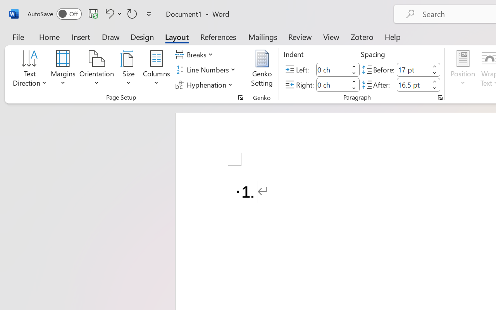 This screenshot has width=496, height=310. I want to click on 'Indent Right', so click(332, 84).